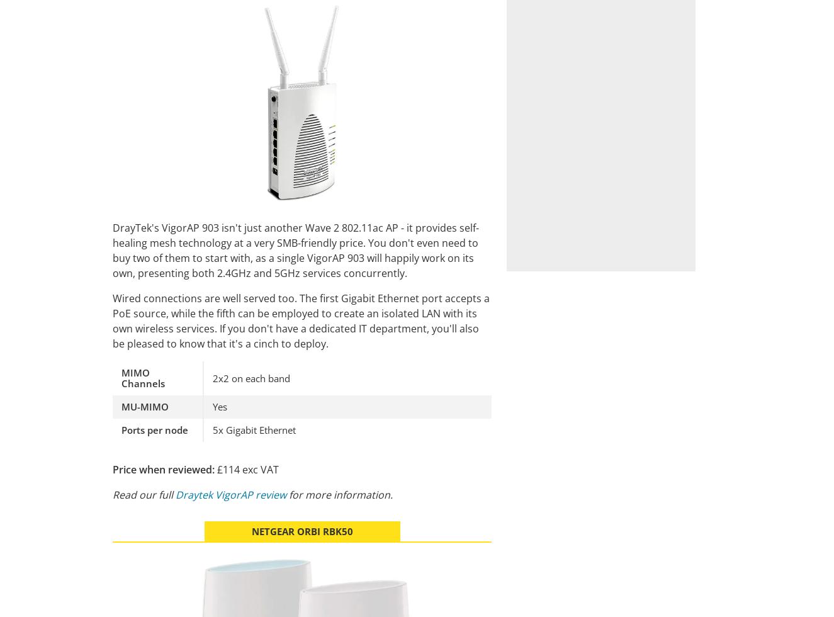 This screenshot has height=617, width=834. I want to click on 'Wired connections are well served too. The first Gigabit Ethernet port accepts a PoE source, while the fifth can be employed to create an isolated LAN with its own wireless services. If you don't have a dedicated IT department, you'll also be pleased to know that it's a cinch to deploy.', so click(112, 320).